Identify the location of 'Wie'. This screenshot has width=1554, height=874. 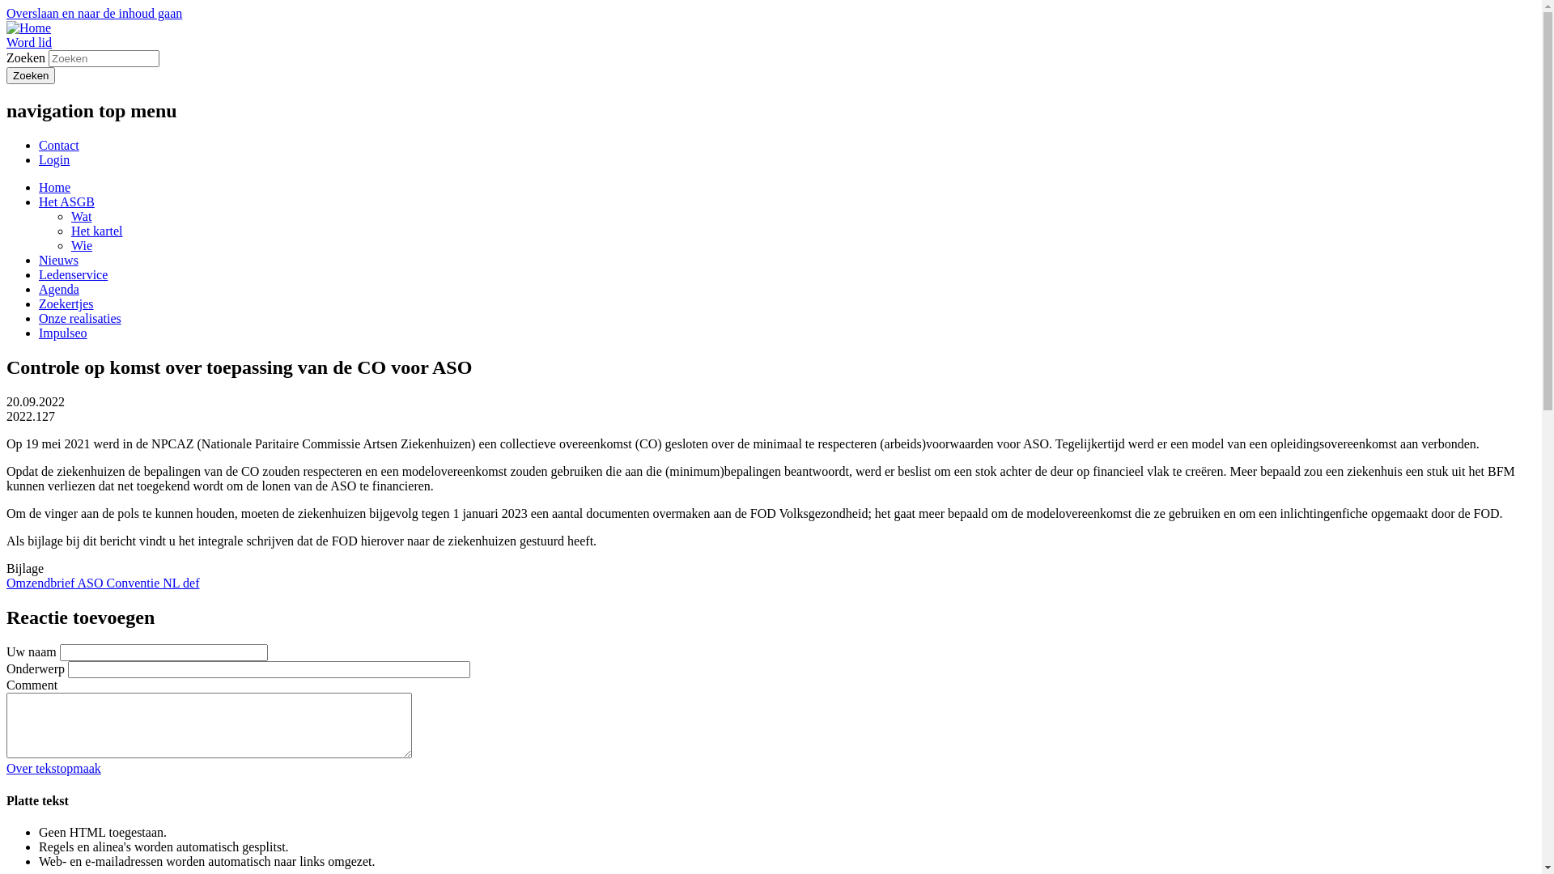
(80, 245).